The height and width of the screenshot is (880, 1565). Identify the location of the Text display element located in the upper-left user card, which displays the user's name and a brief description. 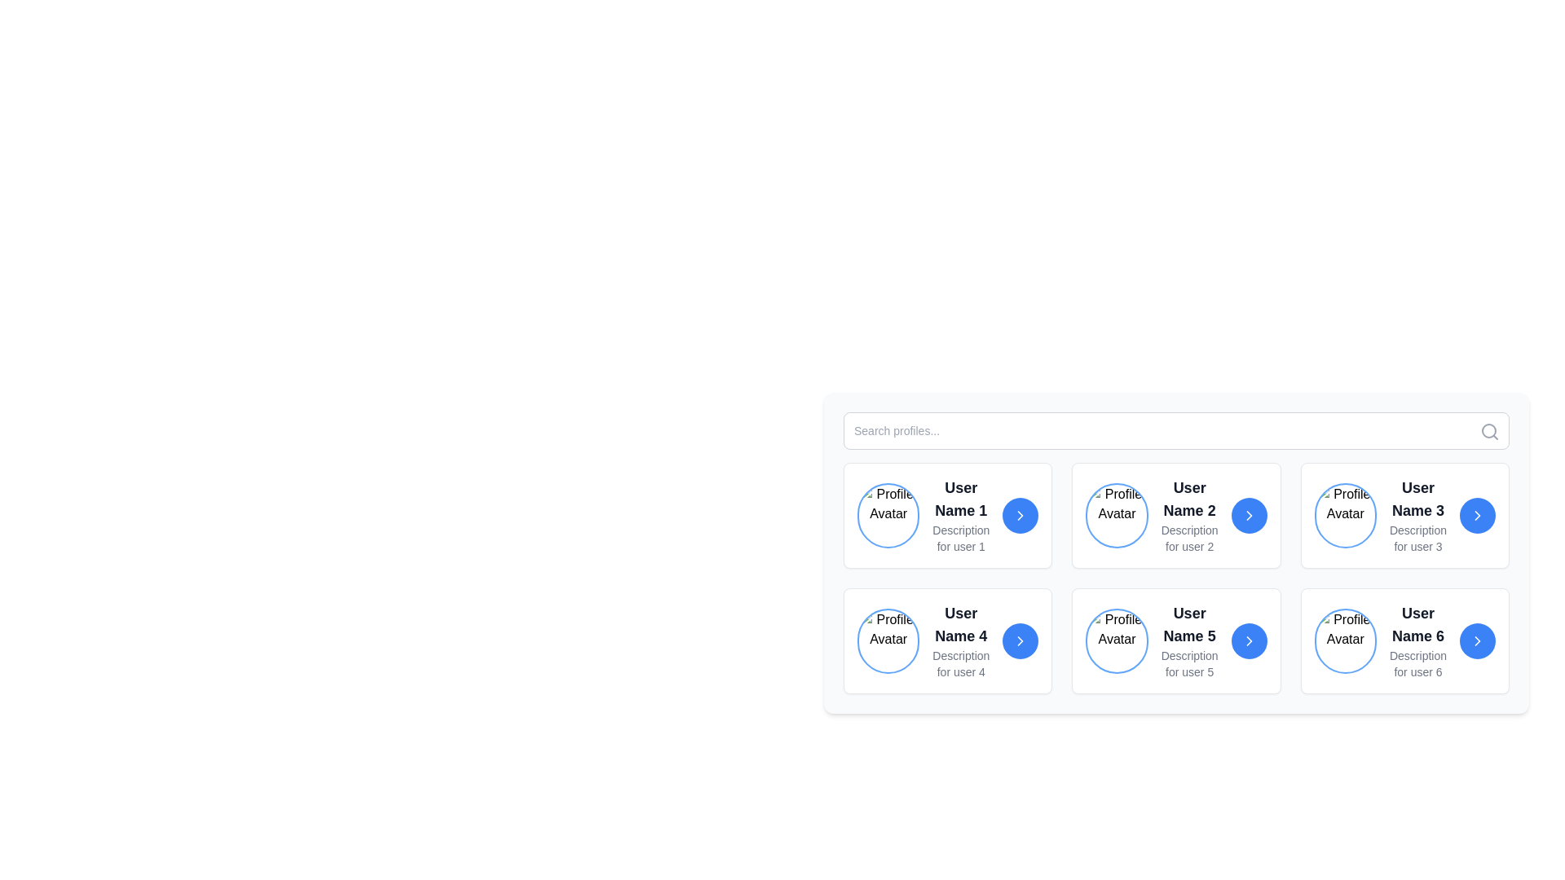
(961, 515).